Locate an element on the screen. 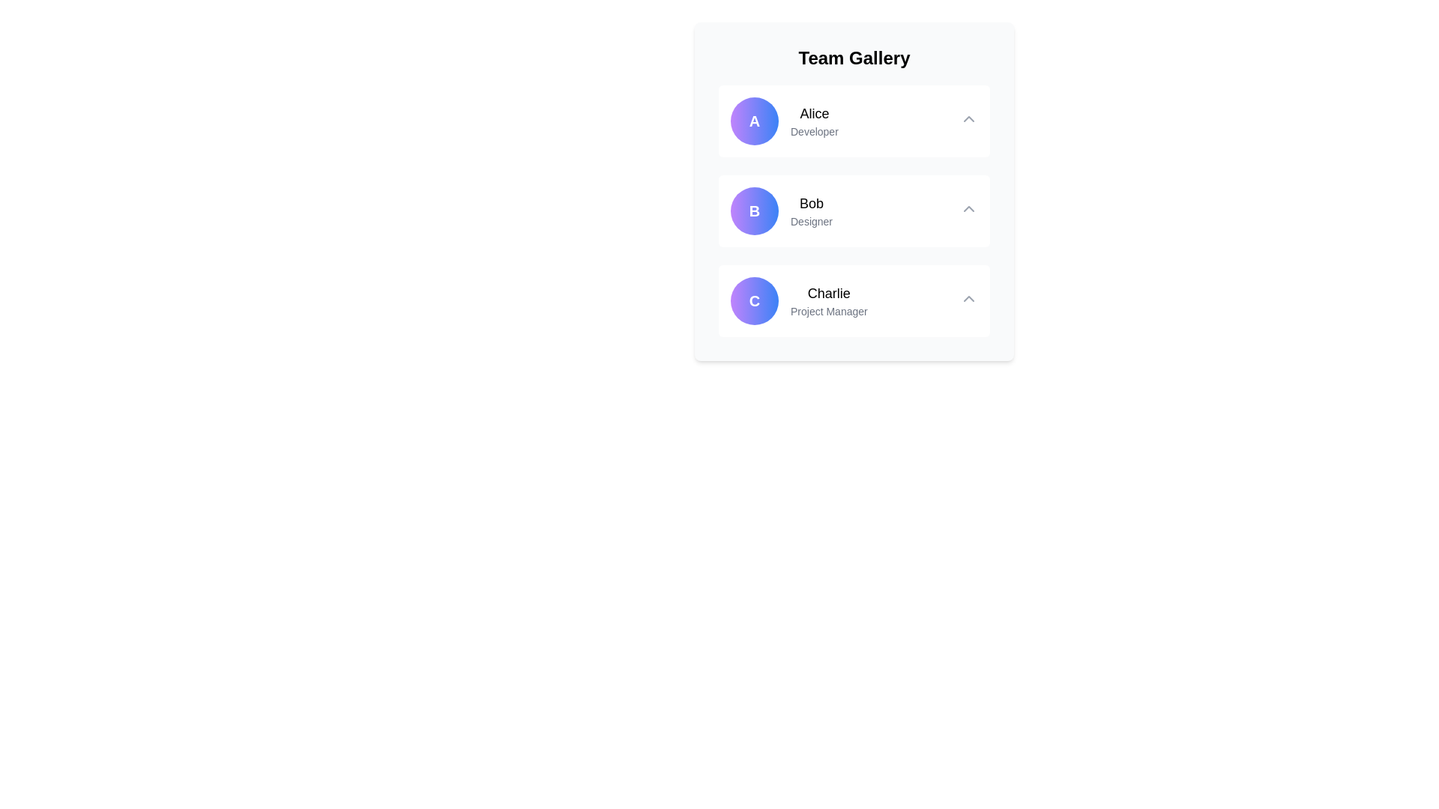 The image size is (1439, 809). the upward-pointing chevron icon button located to the far right of the section labeled 'Bob Designer' is located at coordinates (968, 210).